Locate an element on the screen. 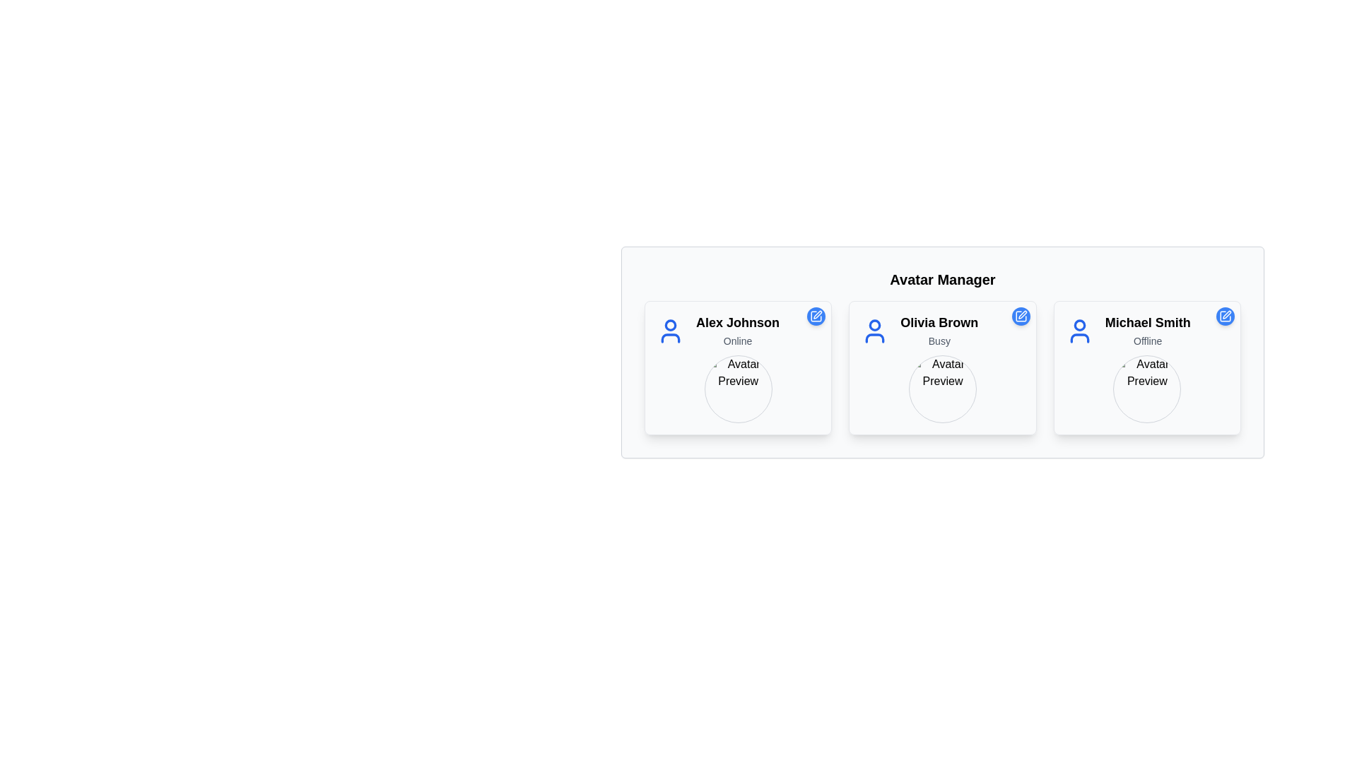 The image size is (1357, 763). the text display showing the name 'Michael Smith' in the top central part of the rightmost card in the 'Avatar Manager' interface is located at coordinates (1148, 322).